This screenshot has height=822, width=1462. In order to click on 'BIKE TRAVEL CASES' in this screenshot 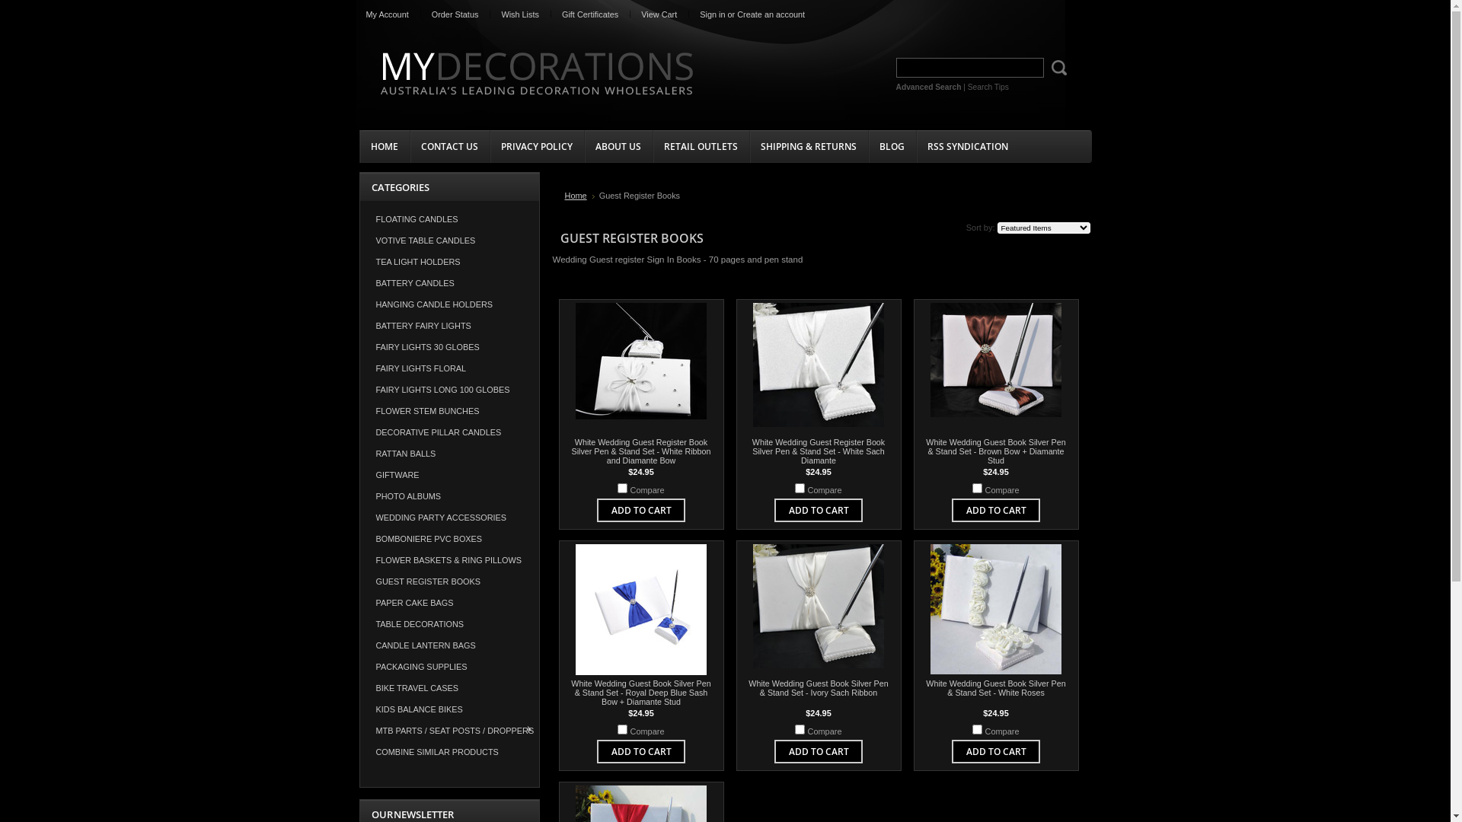, I will do `click(448, 687)`.